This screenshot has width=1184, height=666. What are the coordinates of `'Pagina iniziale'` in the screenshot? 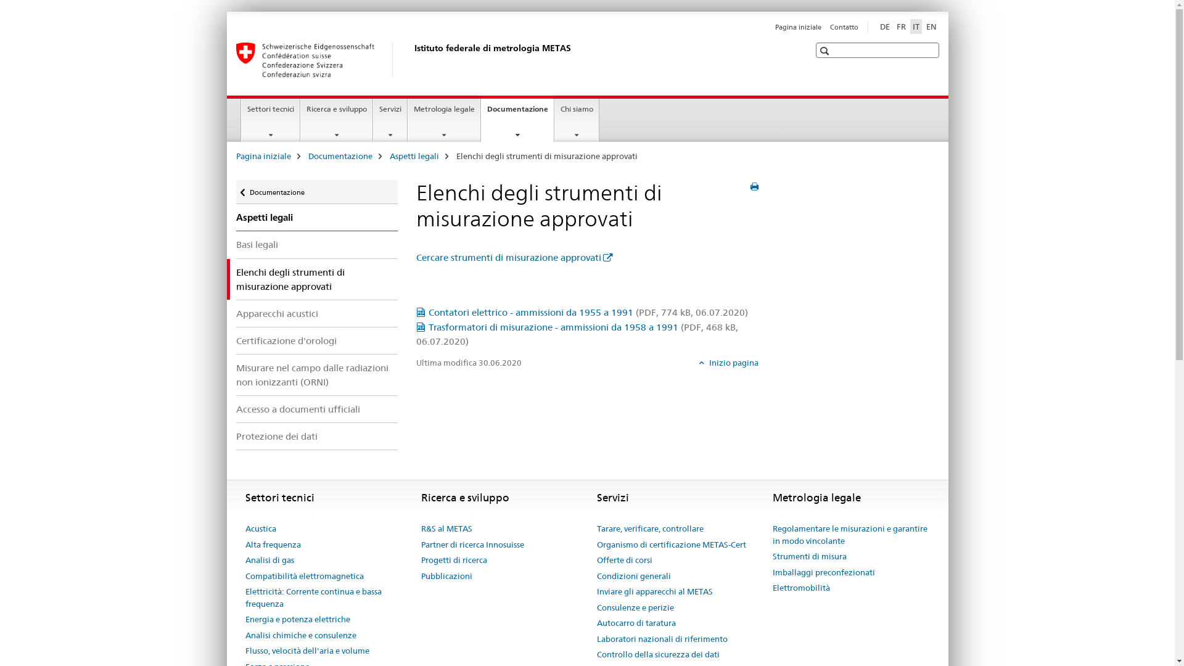 It's located at (798, 27).